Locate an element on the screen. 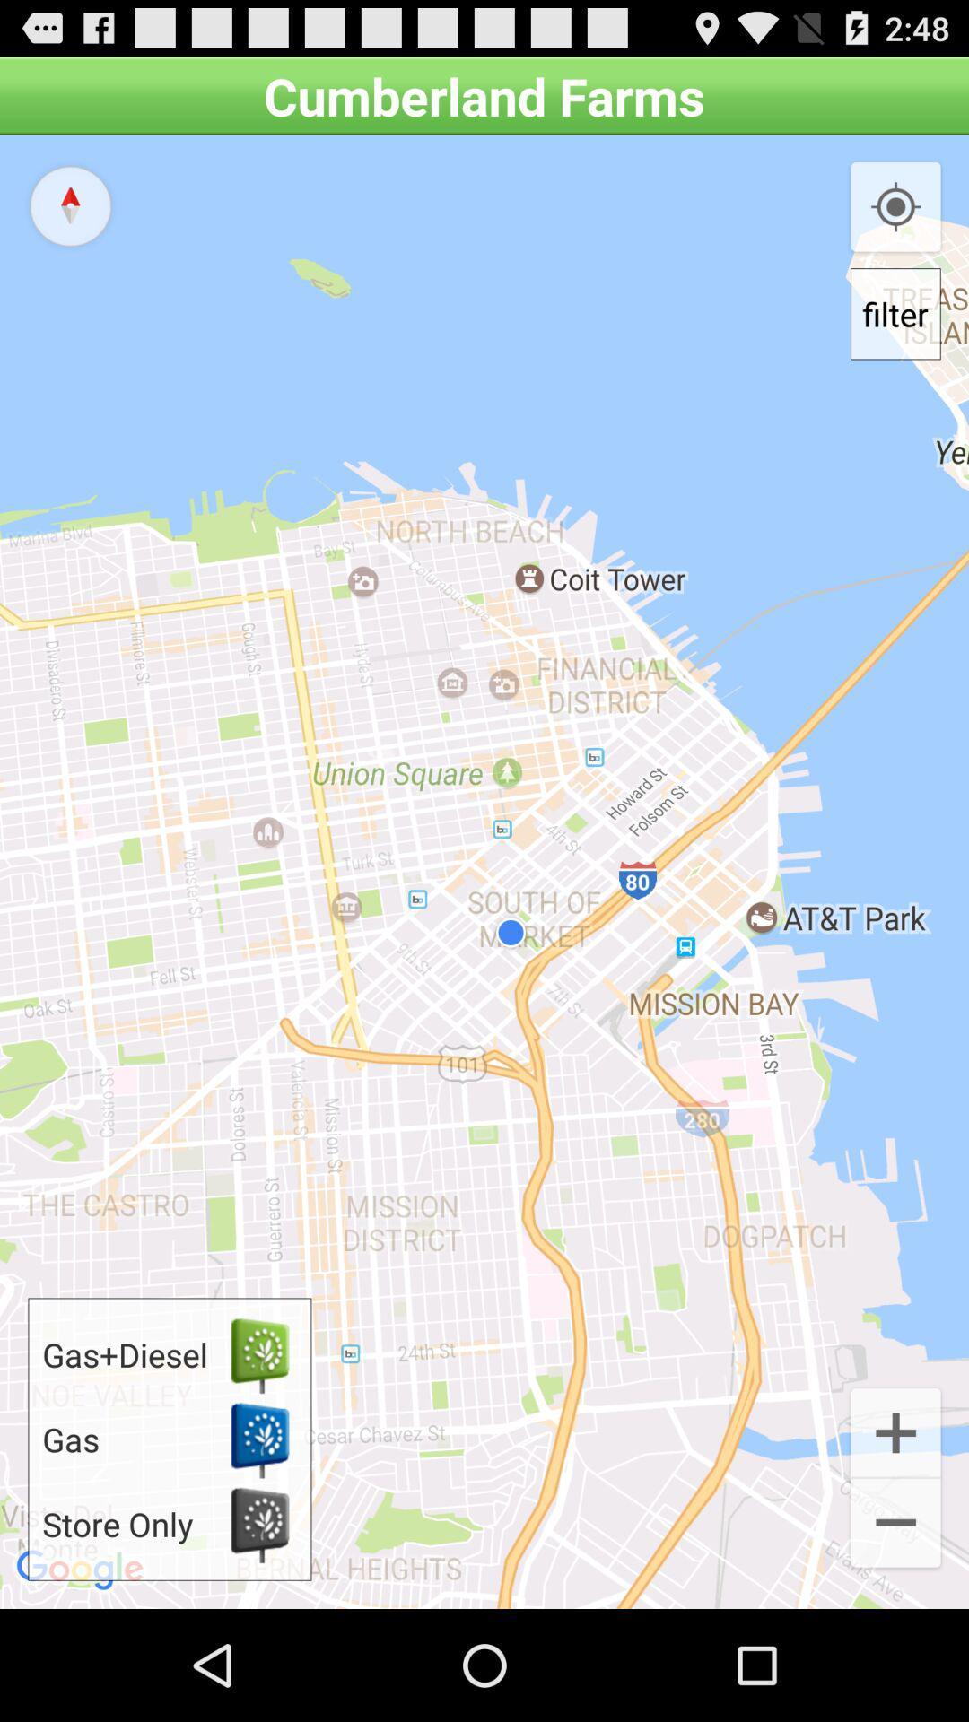 This screenshot has height=1722, width=969. item at the top left corner is located at coordinates (69, 205).